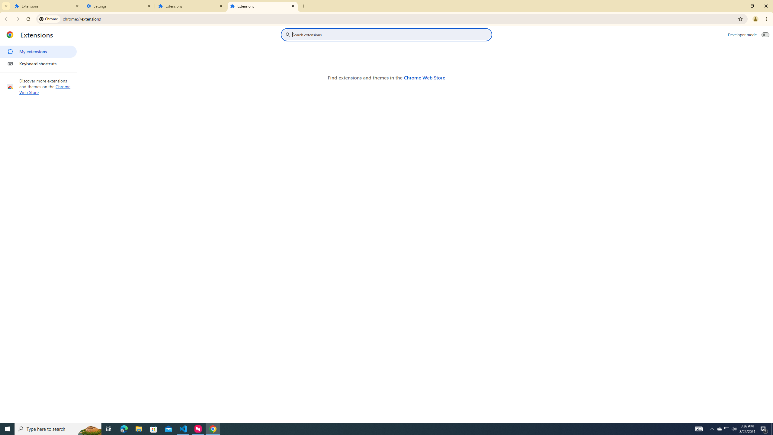 This screenshot has width=773, height=435. Describe the element at coordinates (390, 34) in the screenshot. I see `'Search extensions'` at that location.